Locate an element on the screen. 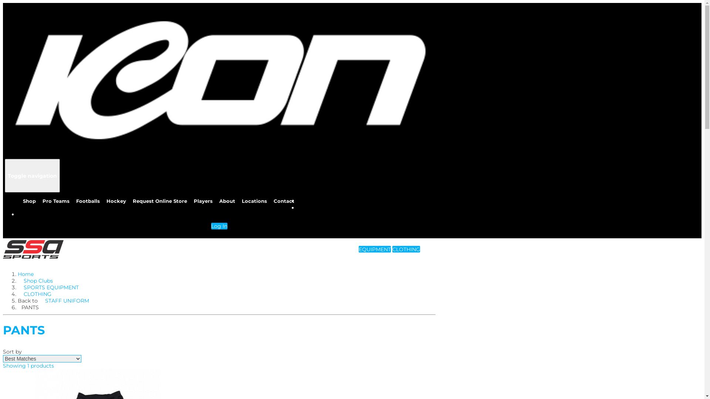 The height and width of the screenshot is (399, 710). 'EQUIPMENT' is located at coordinates (375, 249).